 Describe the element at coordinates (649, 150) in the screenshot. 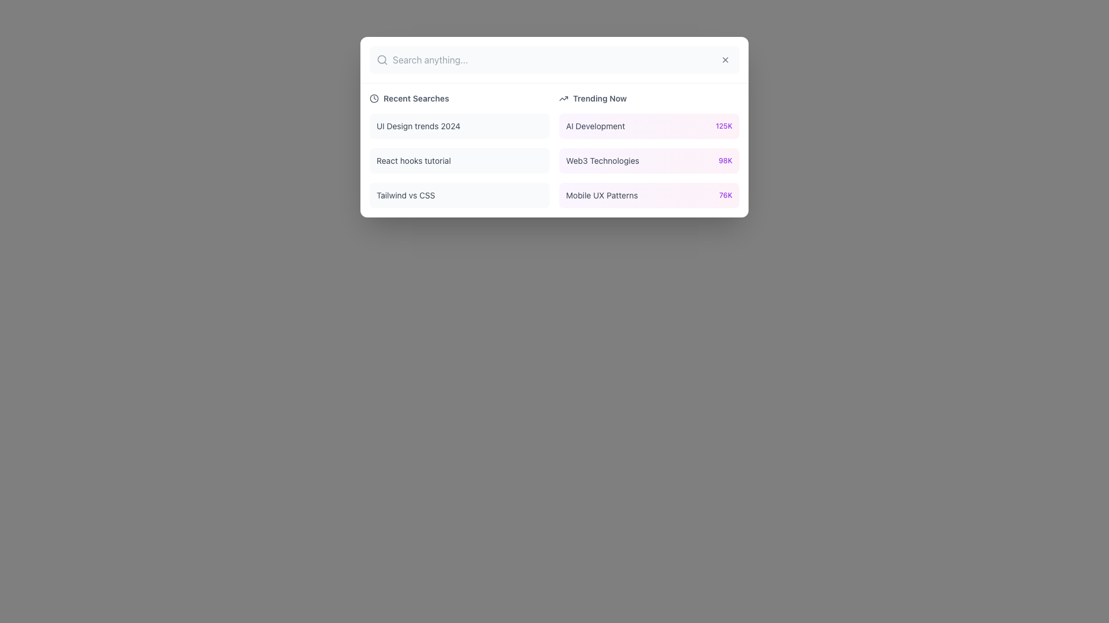

I see `the interactive list item displaying the trending topic 'Web3 Technologies'` at that location.